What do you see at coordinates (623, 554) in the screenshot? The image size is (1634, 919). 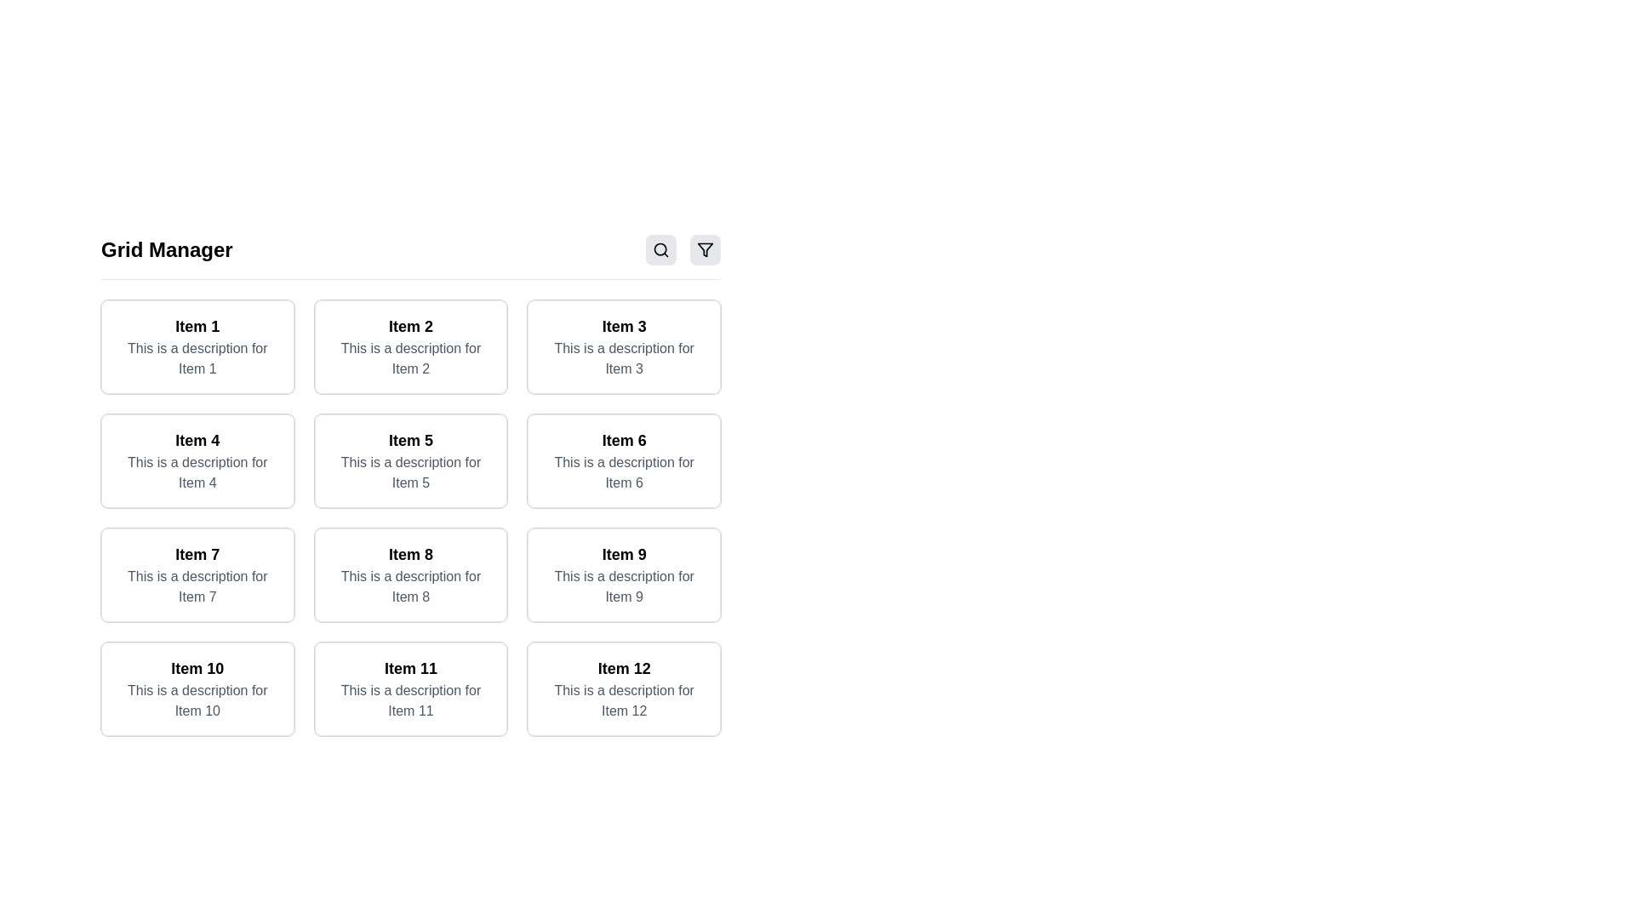 I see `the Text Label that serves as the title or header of the card, located in the third row and second column of the grid layout` at bounding box center [623, 554].